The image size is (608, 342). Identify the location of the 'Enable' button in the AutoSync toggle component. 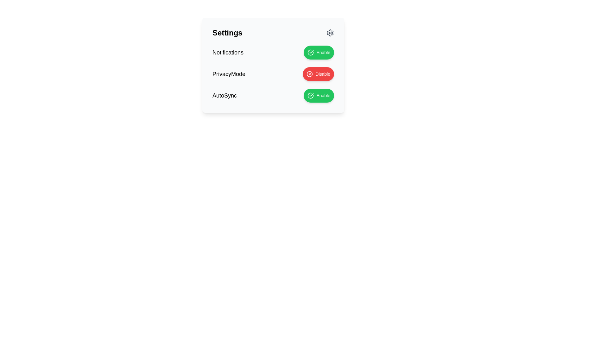
(273, 95).